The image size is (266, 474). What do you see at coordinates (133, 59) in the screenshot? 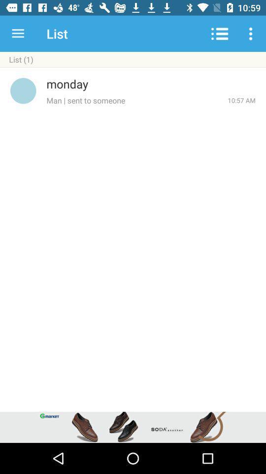
I see `list (1) icon` at bounding box center [133, 59].